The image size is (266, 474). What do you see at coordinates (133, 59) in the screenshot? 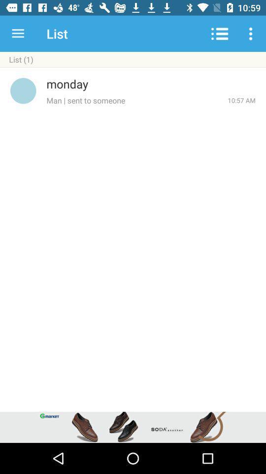
I see `list (1) icon` at bounding box center [133, 59].